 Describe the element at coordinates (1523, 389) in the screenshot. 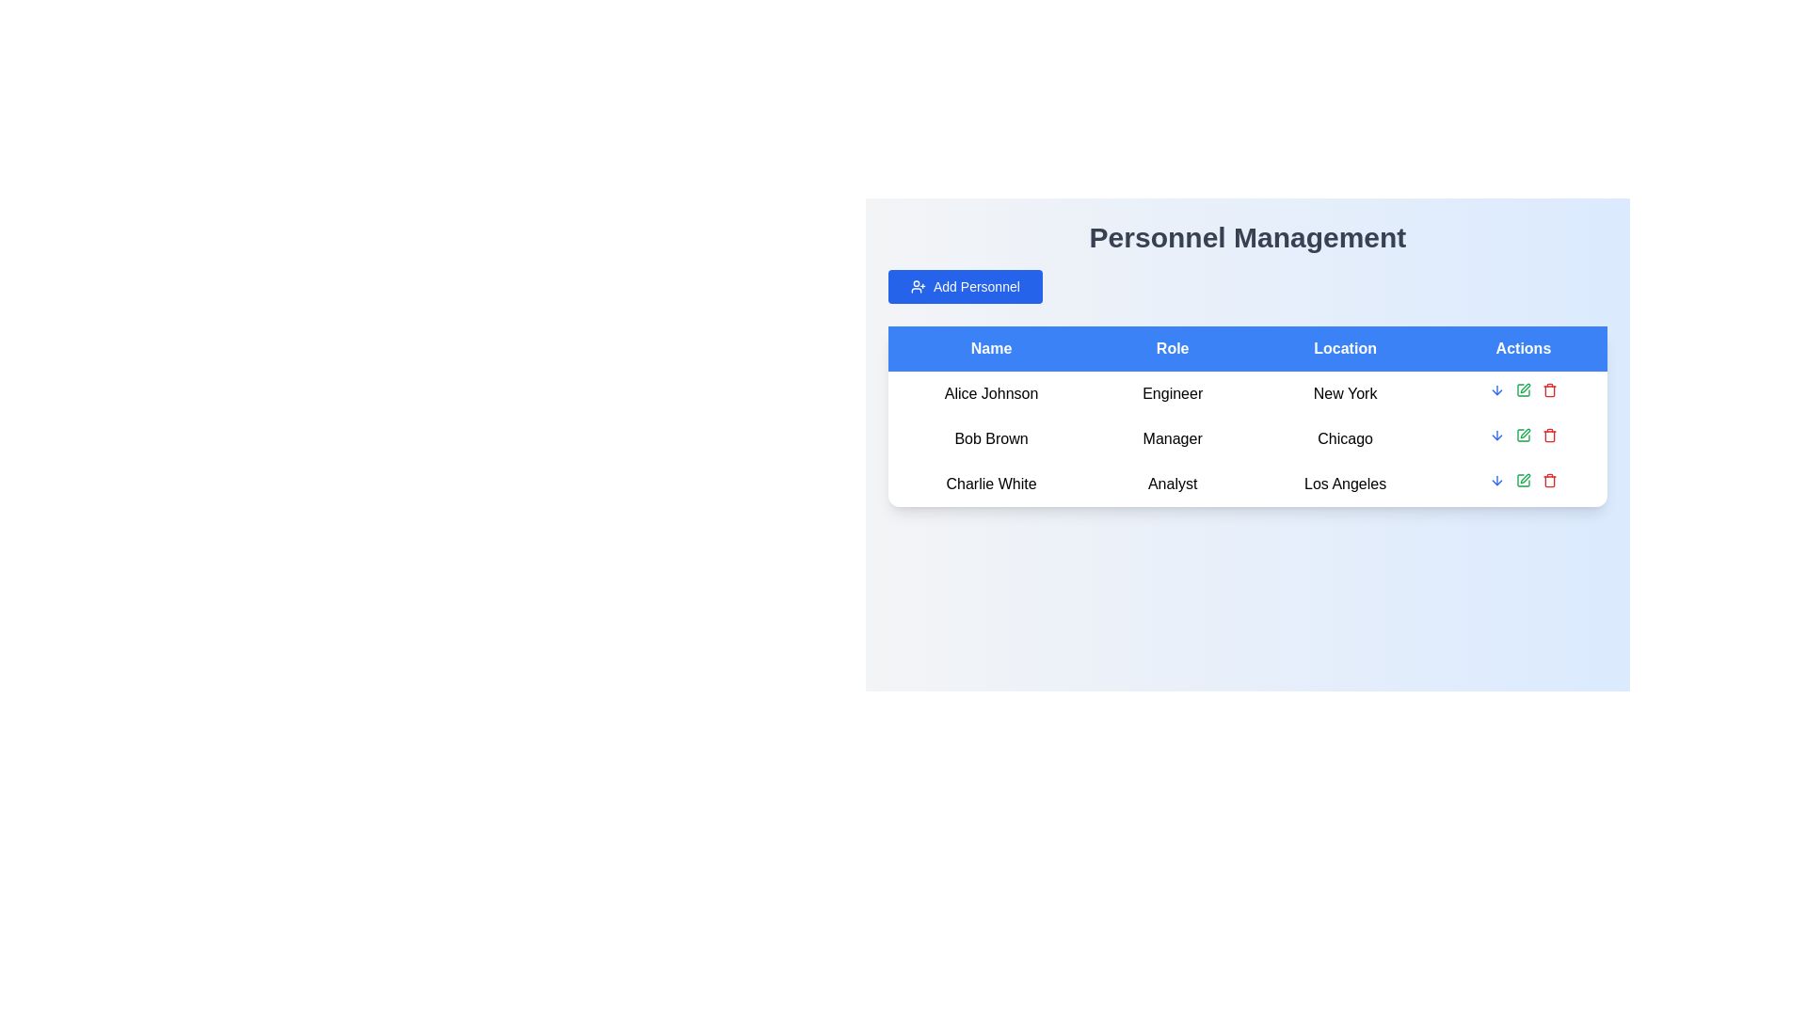

I see `the edit icon button located between the blue down arrow and the red bin icon in the 'Bob Brown' row to modify the details associated with that item` at that location.